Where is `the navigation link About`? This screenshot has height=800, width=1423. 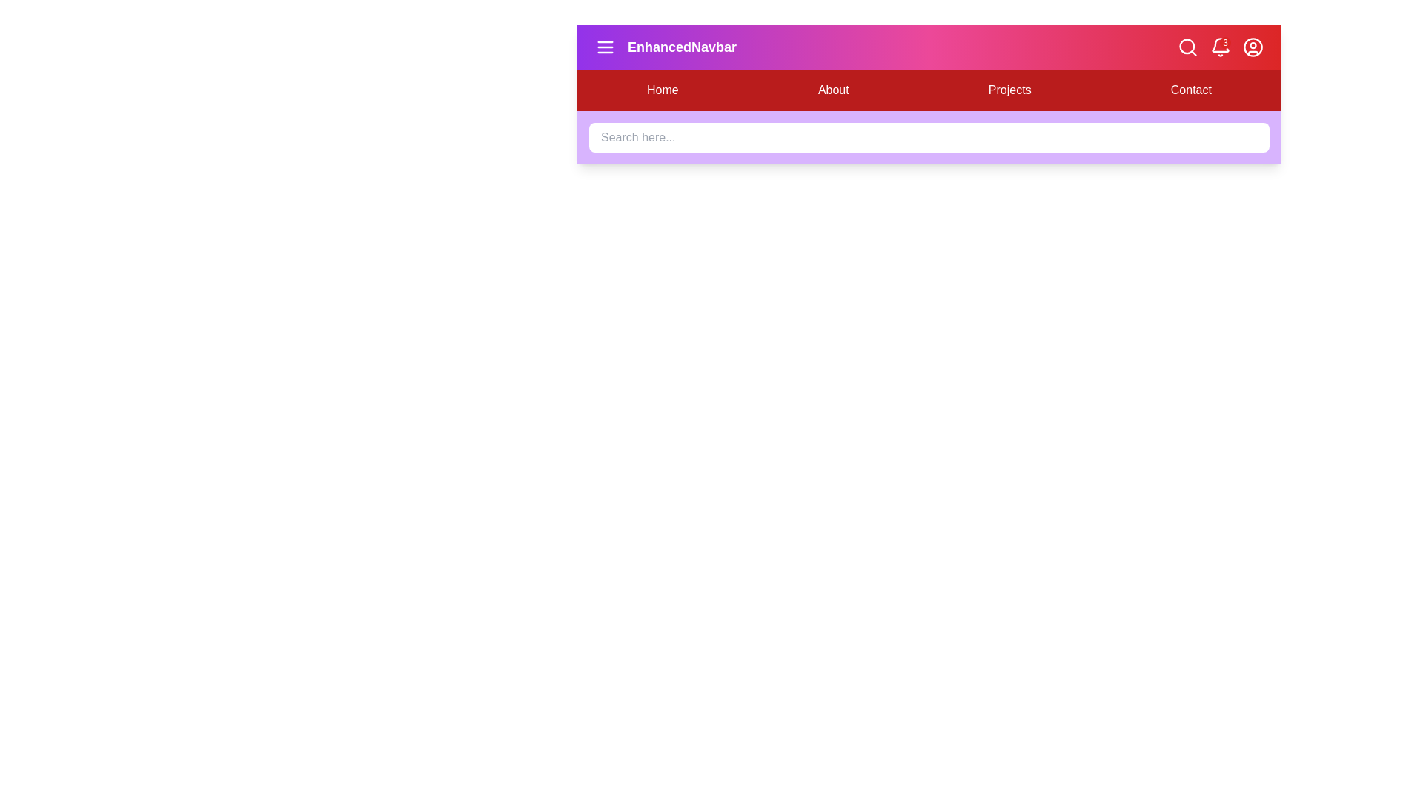
the navigation link About is located at coordinates (832, 90).